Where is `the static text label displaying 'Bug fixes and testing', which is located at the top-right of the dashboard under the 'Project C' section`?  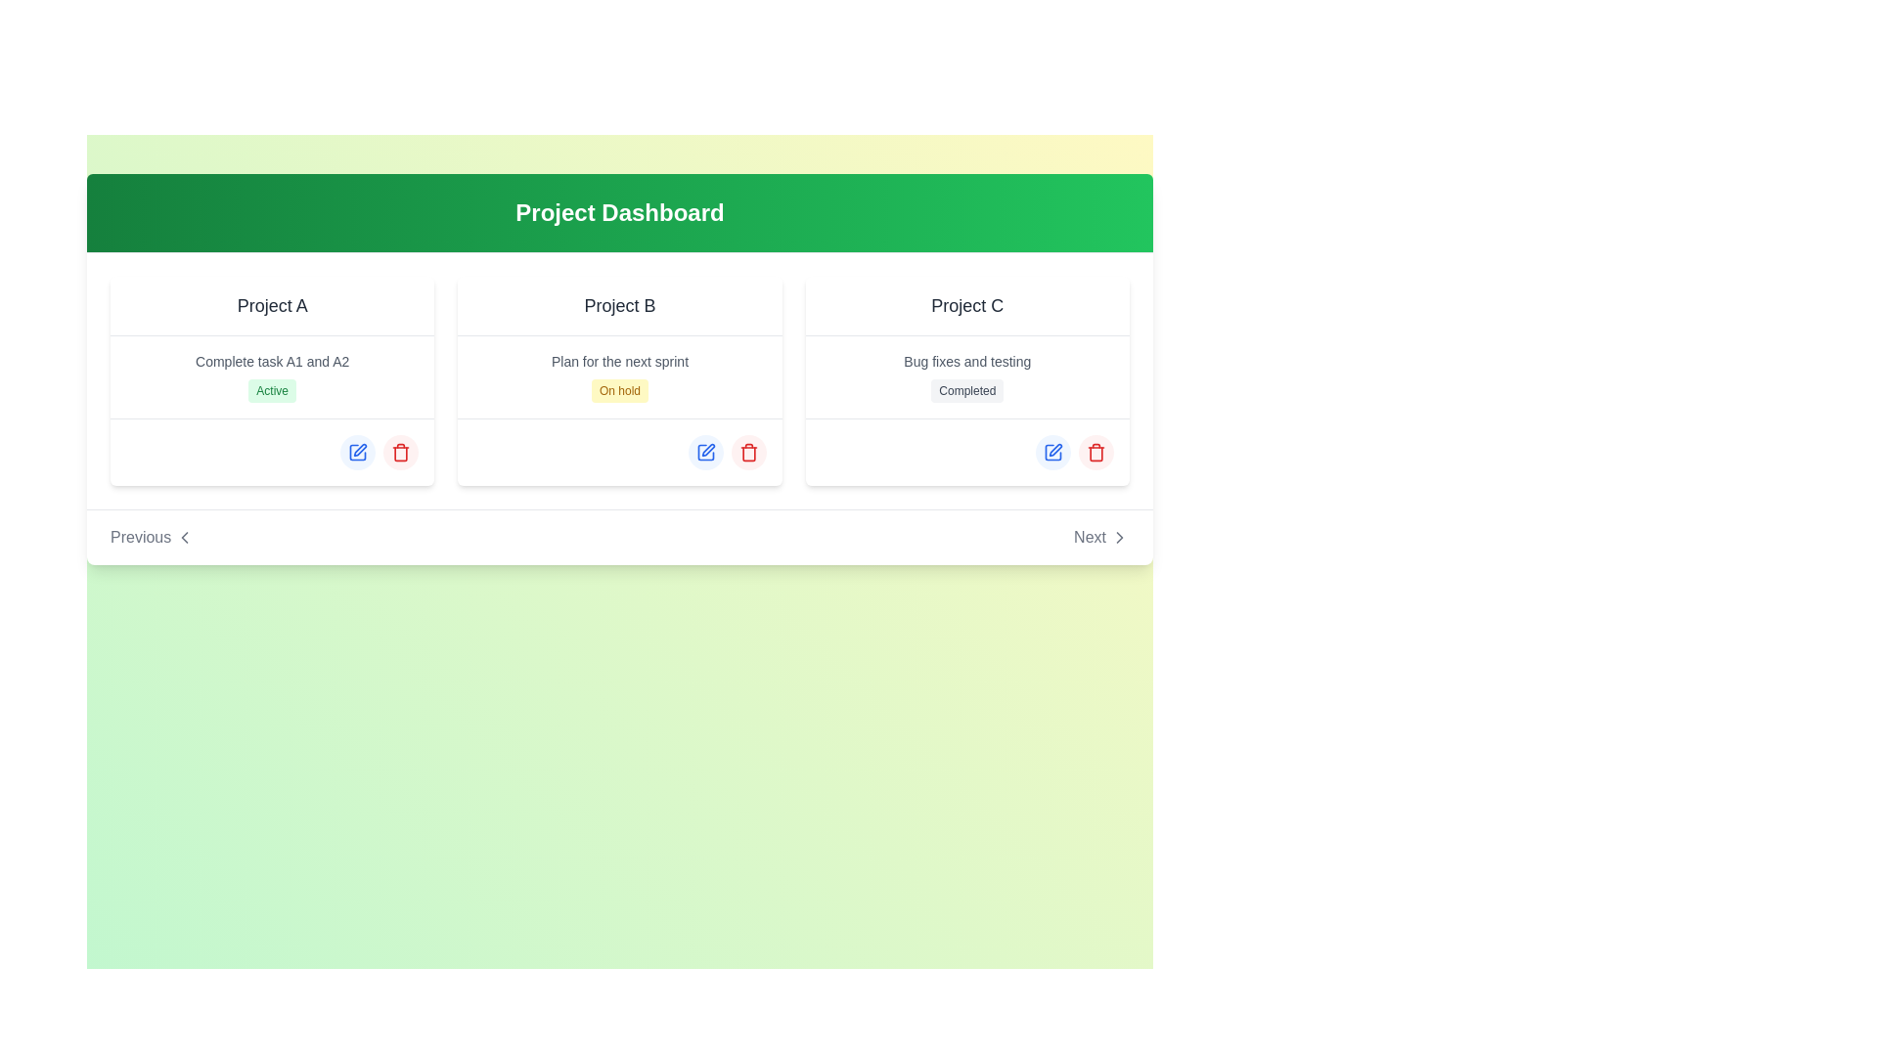
the static text label displaying 'Bug fixes and testing', which is located at the top-right of the dashboard under the 'Project C' section is located at coordinates (967, 362).